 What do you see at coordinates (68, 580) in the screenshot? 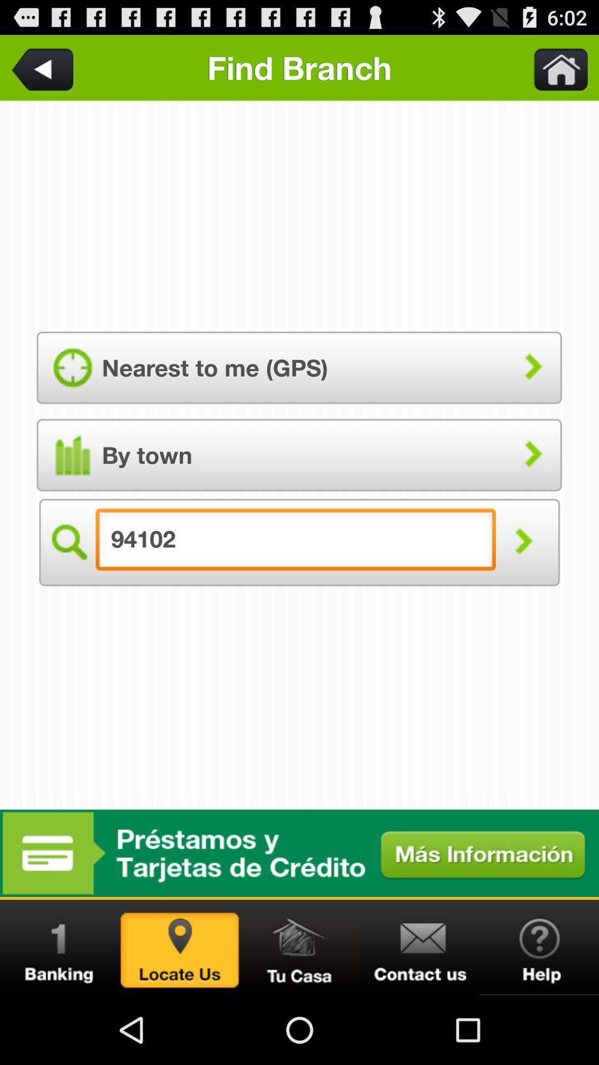
I see `the search icon` at bounding box center [68, 580].